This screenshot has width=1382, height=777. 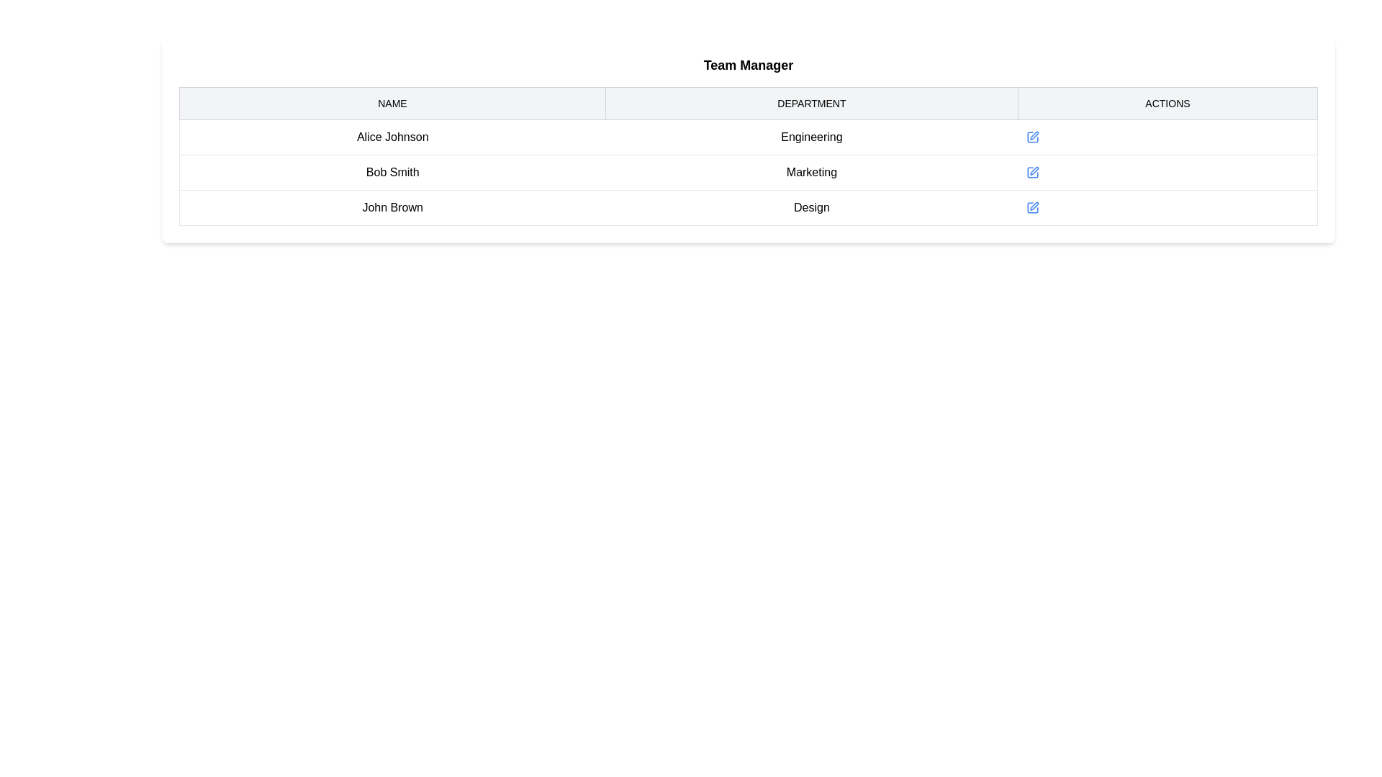 What do you see at coordinates (392, 171) in the screenshot?
I see `the text label displaying 'Bob Smith' located` at bounding box center [392, 171].